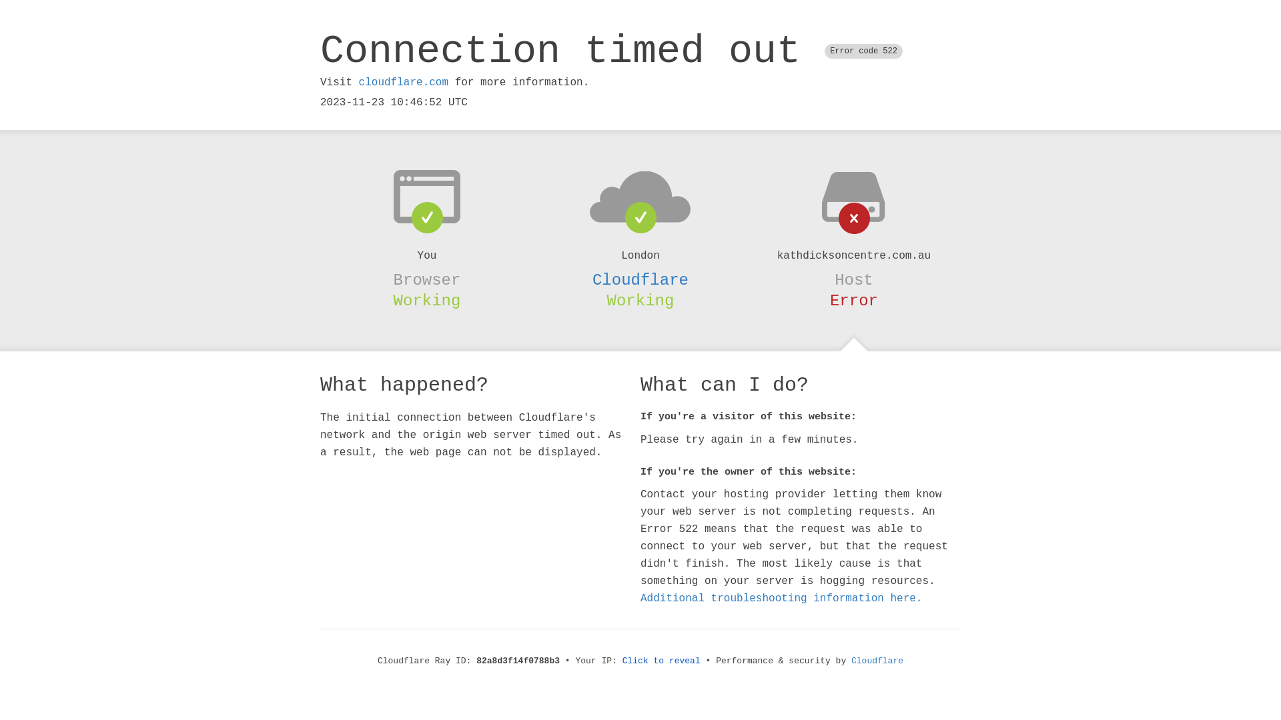  Describe the element at coordinates (621, 661) in the screenshot. I see `'Click to reveal'` at that location.